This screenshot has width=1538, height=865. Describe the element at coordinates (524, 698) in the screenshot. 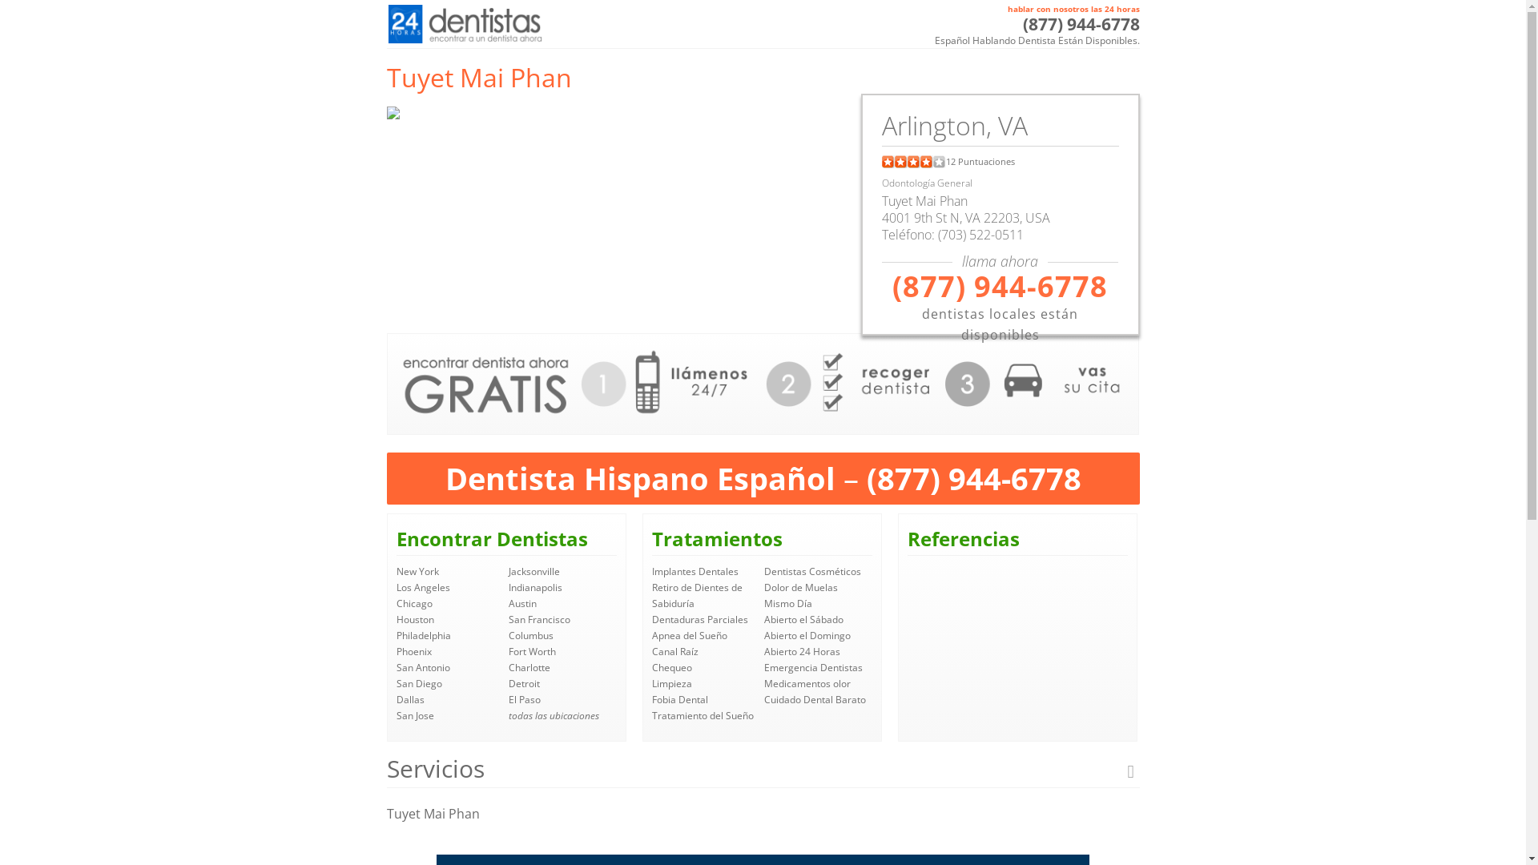

I see `'El Paso'` at that location.